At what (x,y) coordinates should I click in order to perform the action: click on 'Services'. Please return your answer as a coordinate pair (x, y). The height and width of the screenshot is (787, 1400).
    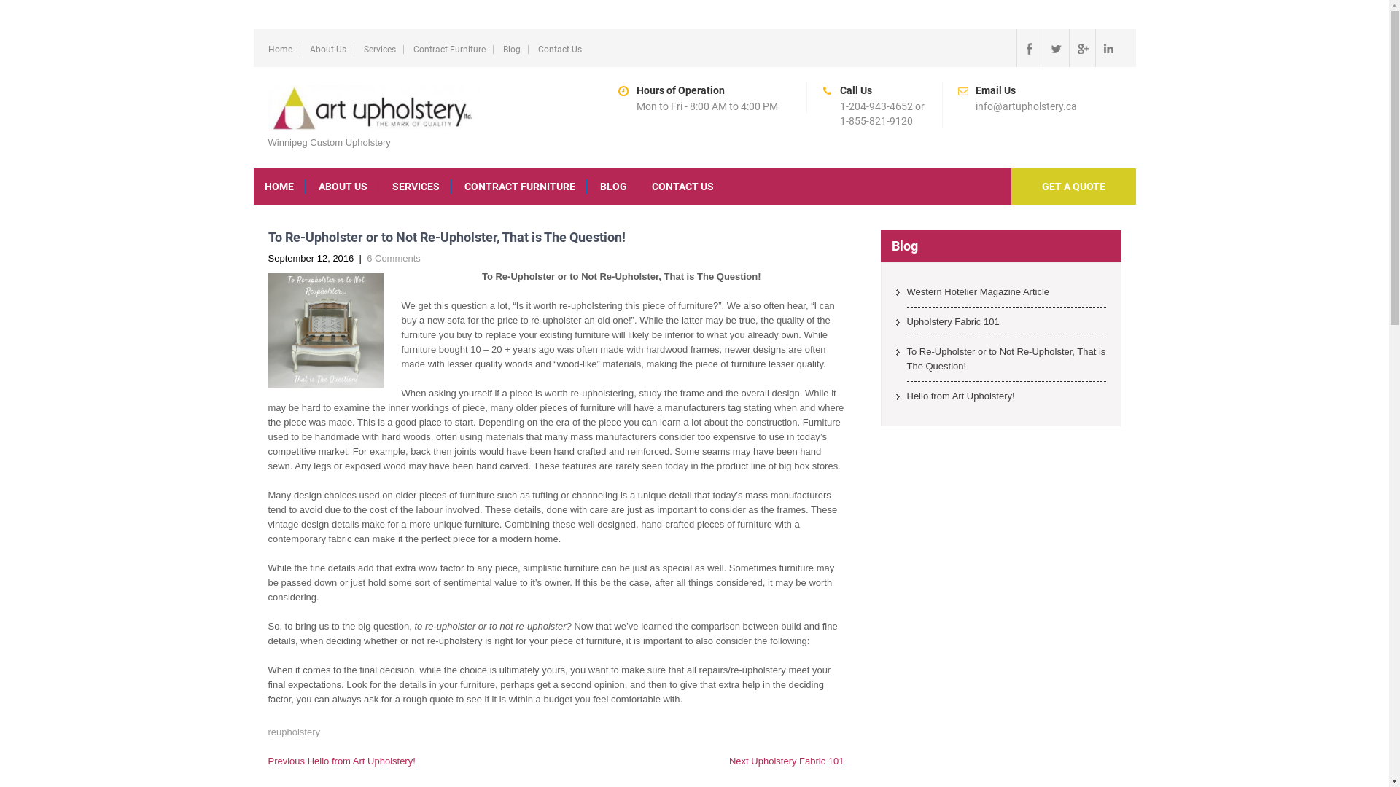
    Looking at the image, I should click on (378, 49).